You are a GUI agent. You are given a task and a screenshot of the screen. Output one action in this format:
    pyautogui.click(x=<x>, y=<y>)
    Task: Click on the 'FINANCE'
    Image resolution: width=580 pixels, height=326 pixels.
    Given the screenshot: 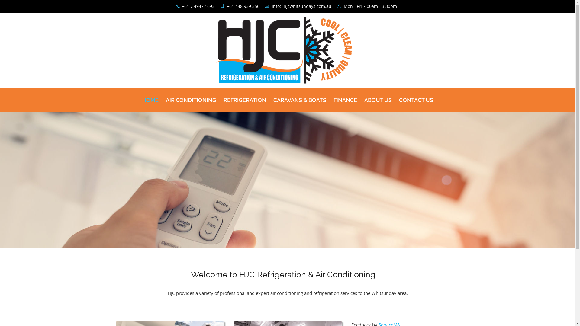 What is the action you would take?
    pyautogui.click(x=345, y=110)
    